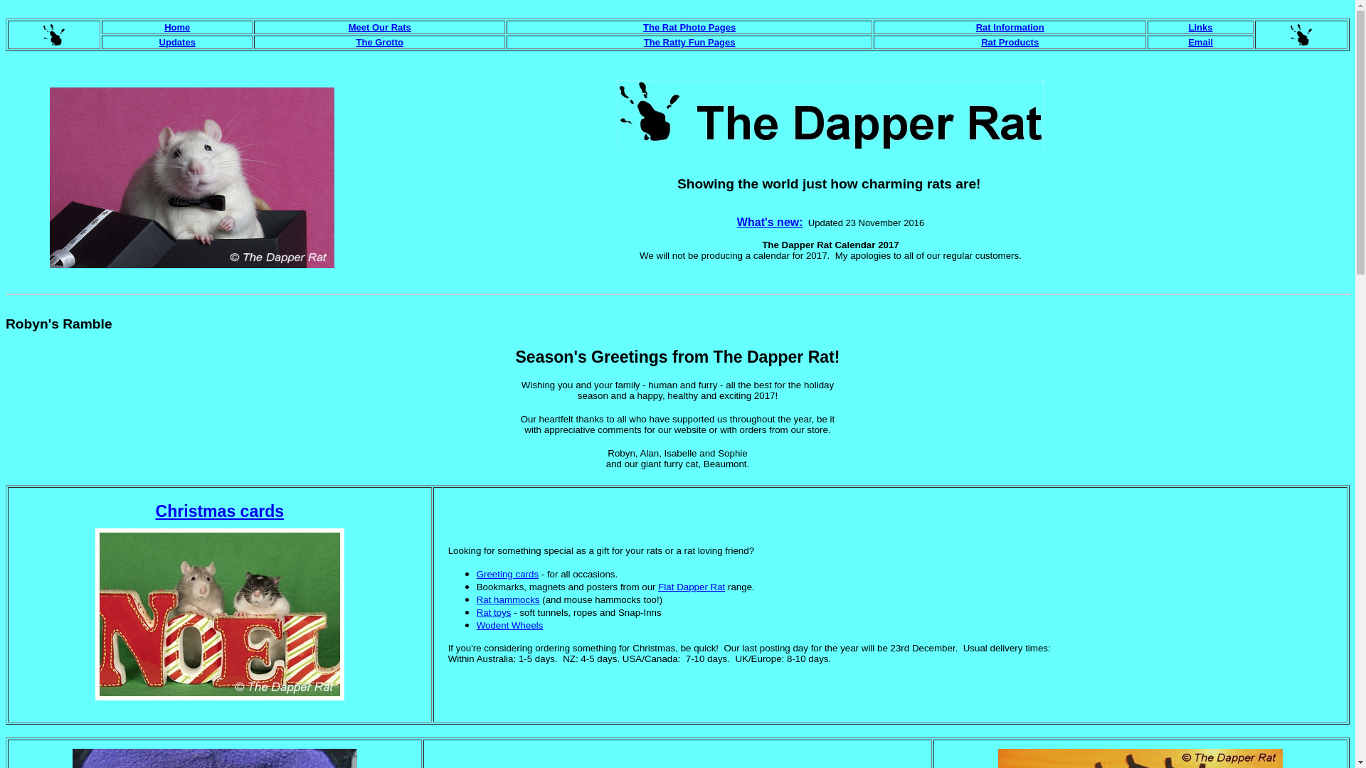  Describe the element at coordinates (176, 41) in the screenshot. I see `'Updates'` at that location.